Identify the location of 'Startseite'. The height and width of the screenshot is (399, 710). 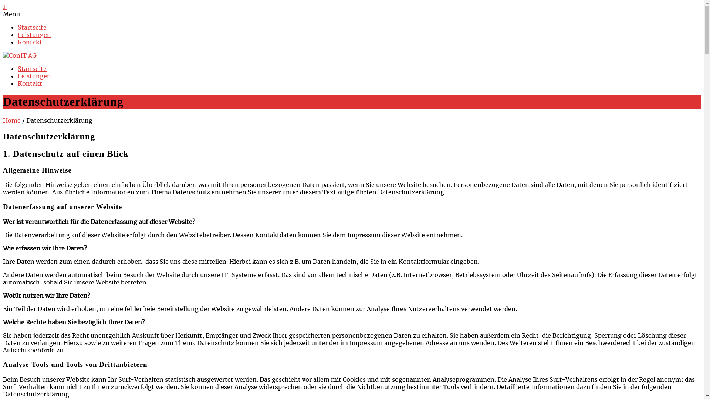
(31, 27).